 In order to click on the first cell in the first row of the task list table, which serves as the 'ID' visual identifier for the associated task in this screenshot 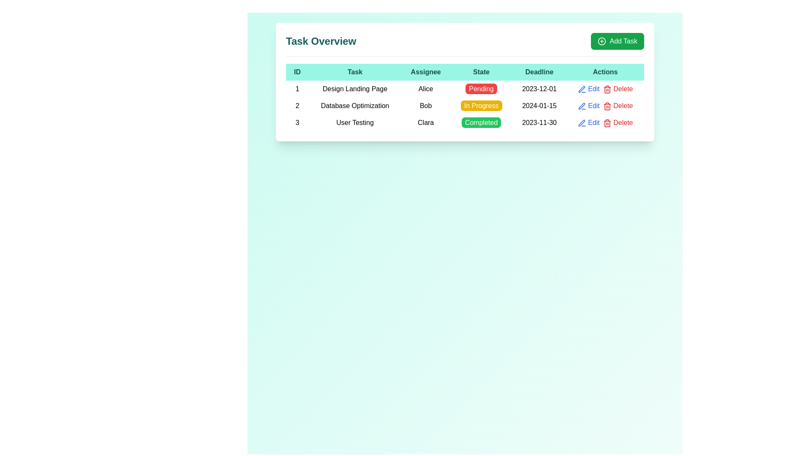, I will do `click(297, 89)`.